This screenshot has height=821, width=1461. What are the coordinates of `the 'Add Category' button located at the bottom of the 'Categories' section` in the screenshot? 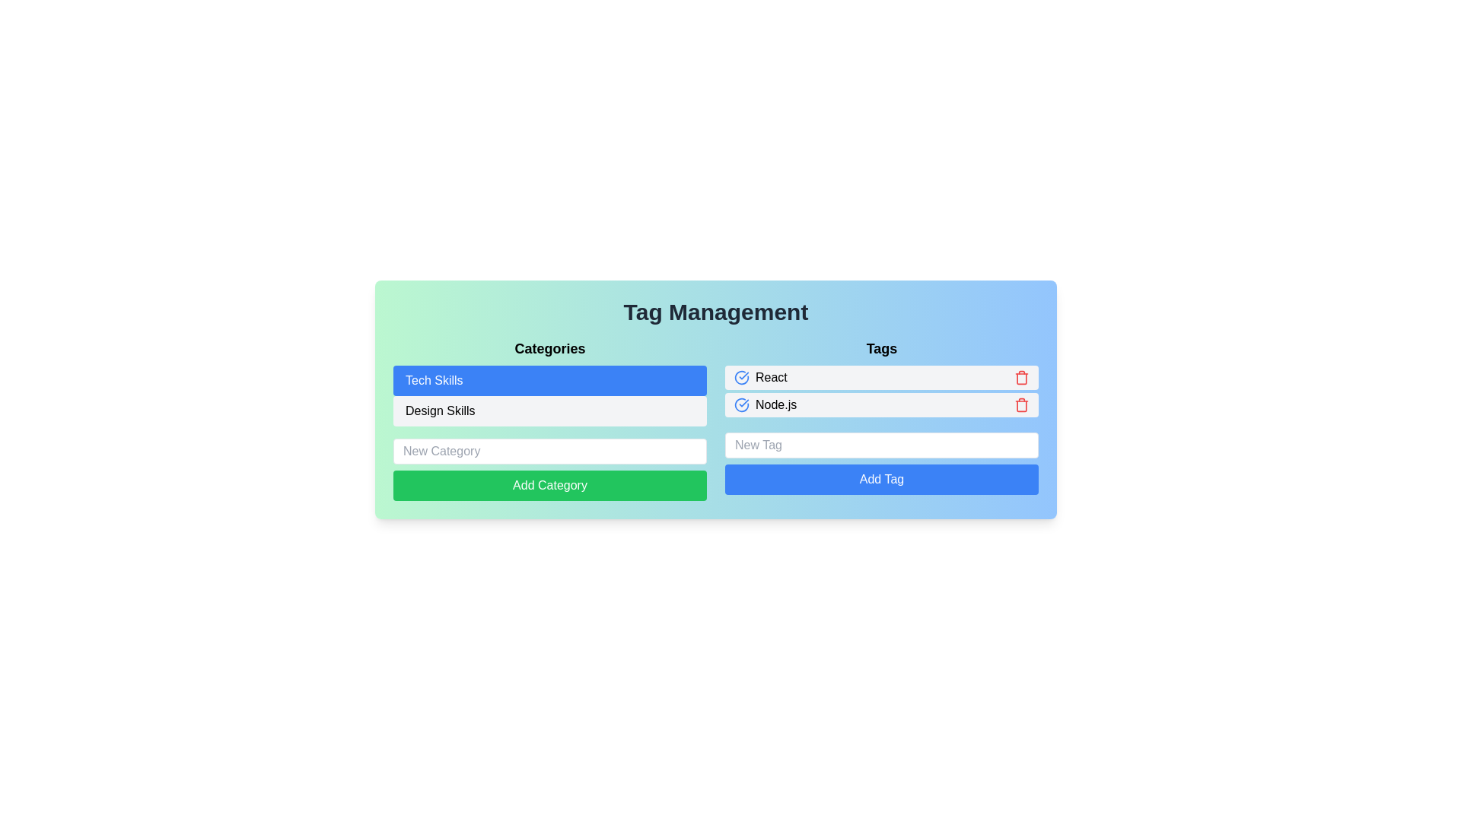 It's located at (549, 486).